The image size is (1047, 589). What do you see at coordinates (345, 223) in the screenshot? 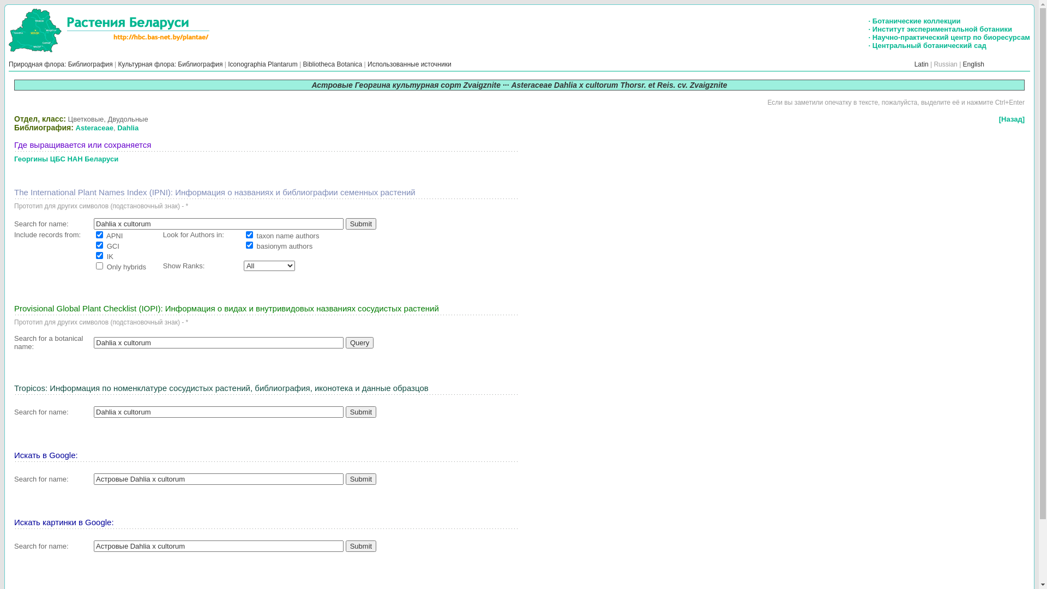
I see `'Submit'` at bounding box center [345, 223].